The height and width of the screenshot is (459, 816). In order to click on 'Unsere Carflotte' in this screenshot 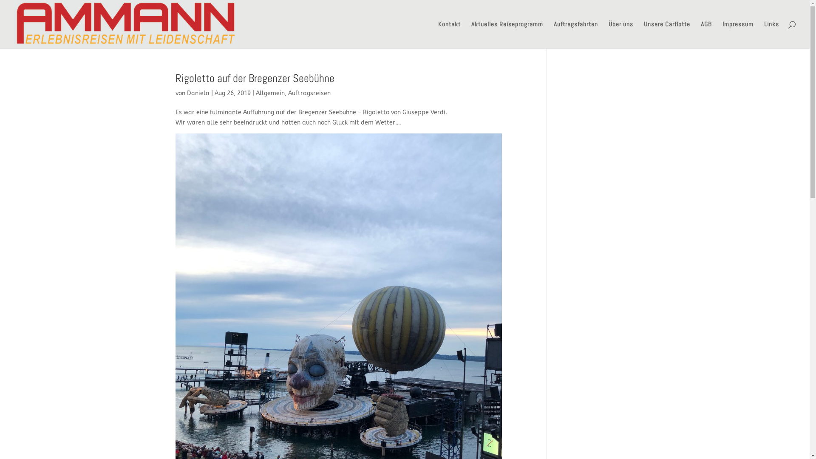, I will do `click(666, 34)`.